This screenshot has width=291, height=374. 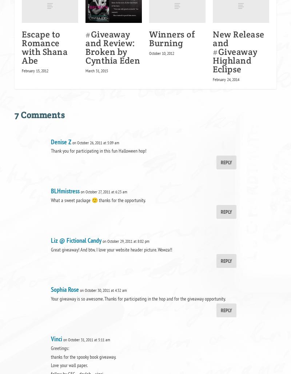 What do you see at coordinates (103, 290) in the screenshot?
I see `'on October 30, 2011 at 4:32 am'` at bounding box center [103, 290].